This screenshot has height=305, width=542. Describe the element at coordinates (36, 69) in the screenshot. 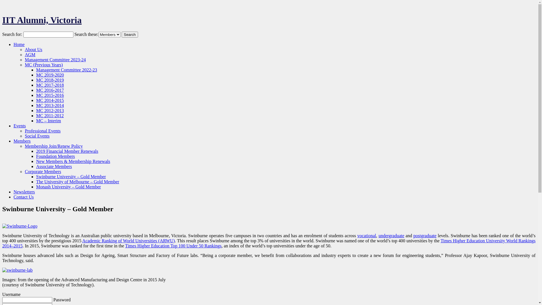

I see `'Management Committee 2022-23'` at that location.